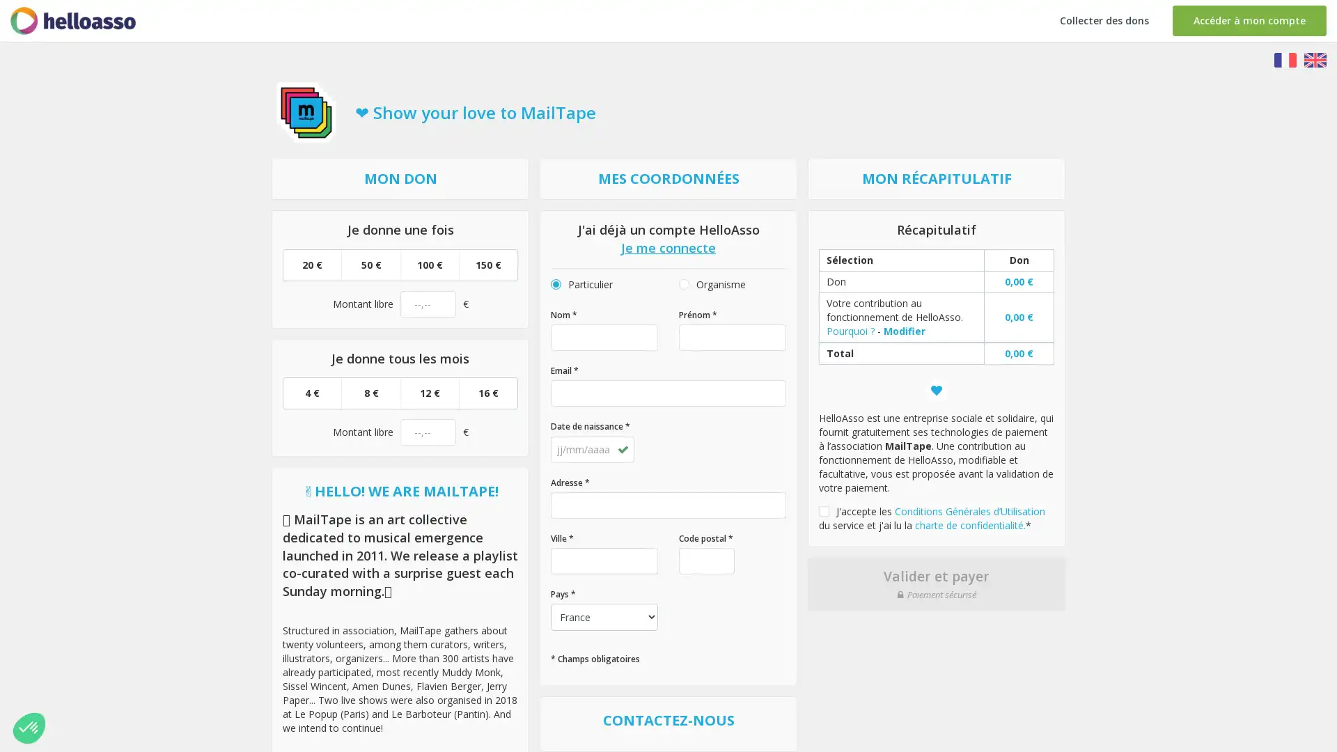  Describe the element at coordinates (159, 657) in the screenshot. I see `Consentements certifies par` at that location.